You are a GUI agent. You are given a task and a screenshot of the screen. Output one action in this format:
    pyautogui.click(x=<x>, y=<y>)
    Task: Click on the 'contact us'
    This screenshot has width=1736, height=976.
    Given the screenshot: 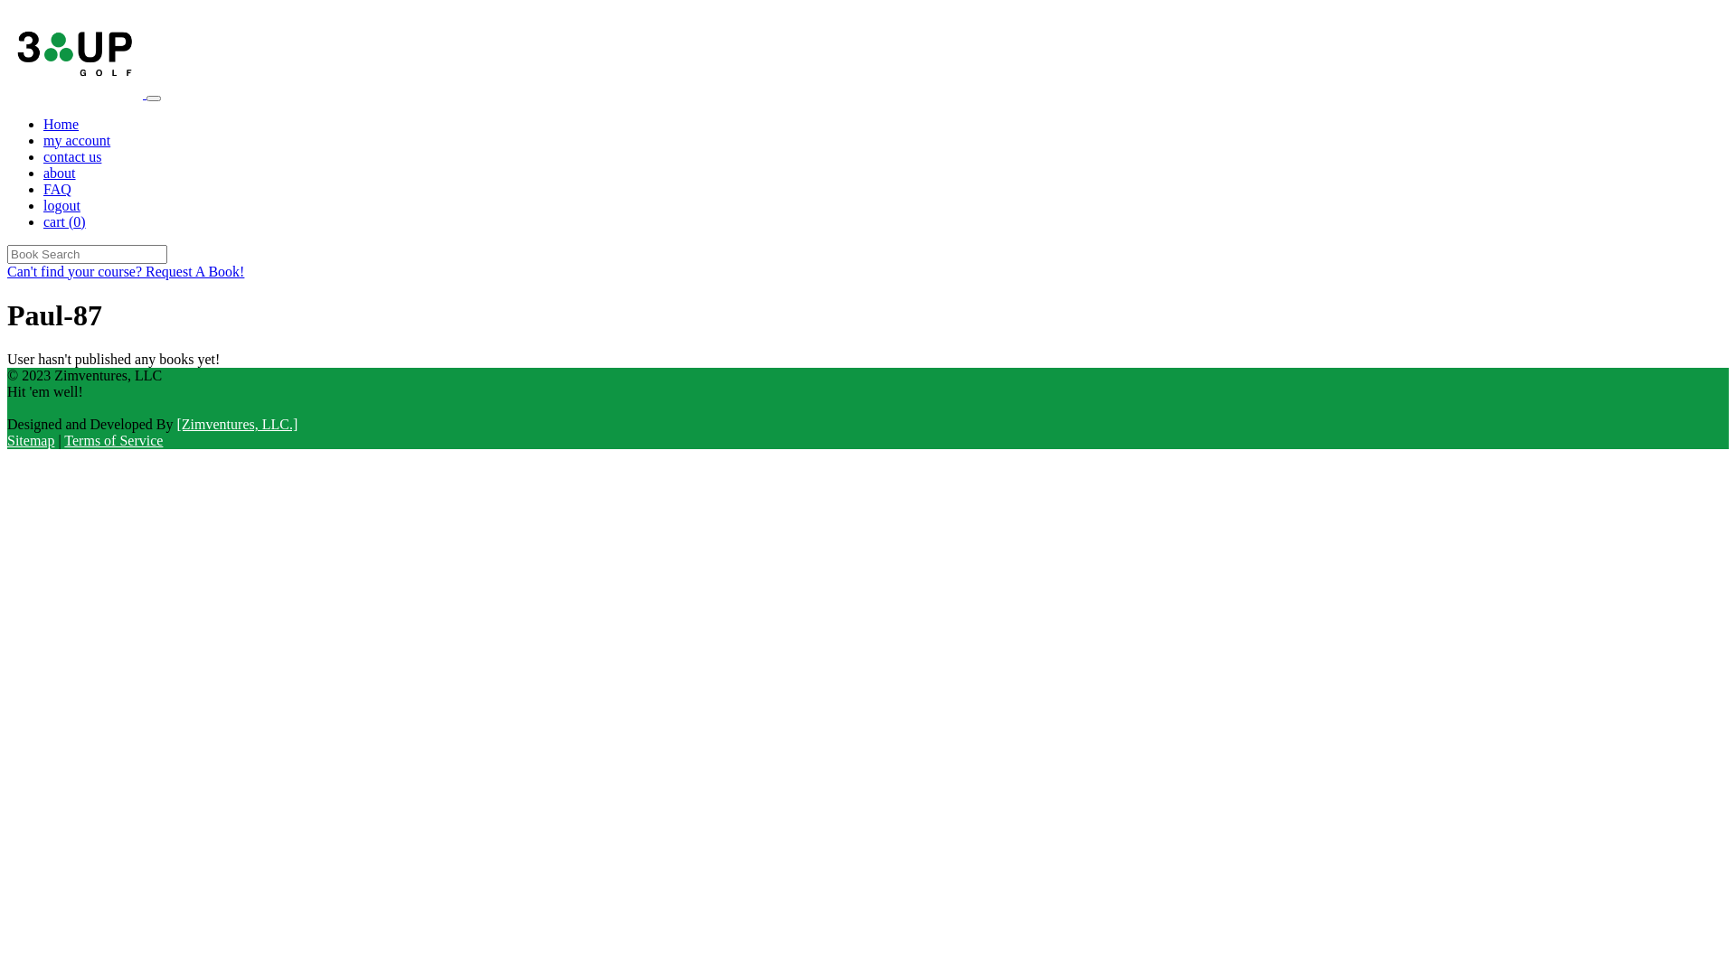 What is the action you would take?
    pyautogui.click(x=72, y=155)
    